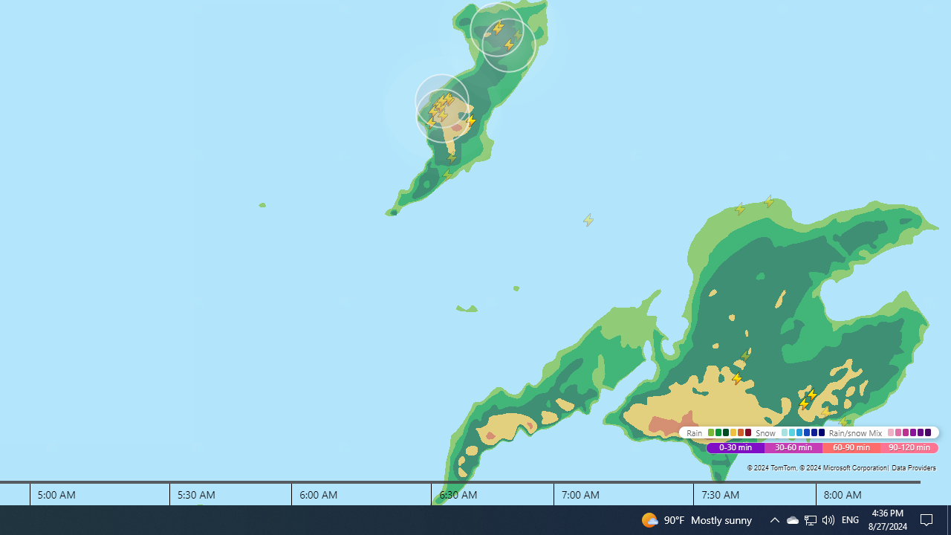 The width and height of the screenshot is (951, 535). I want to click on 'Tray Input Indicator - English (United States)', so click(827, 519).